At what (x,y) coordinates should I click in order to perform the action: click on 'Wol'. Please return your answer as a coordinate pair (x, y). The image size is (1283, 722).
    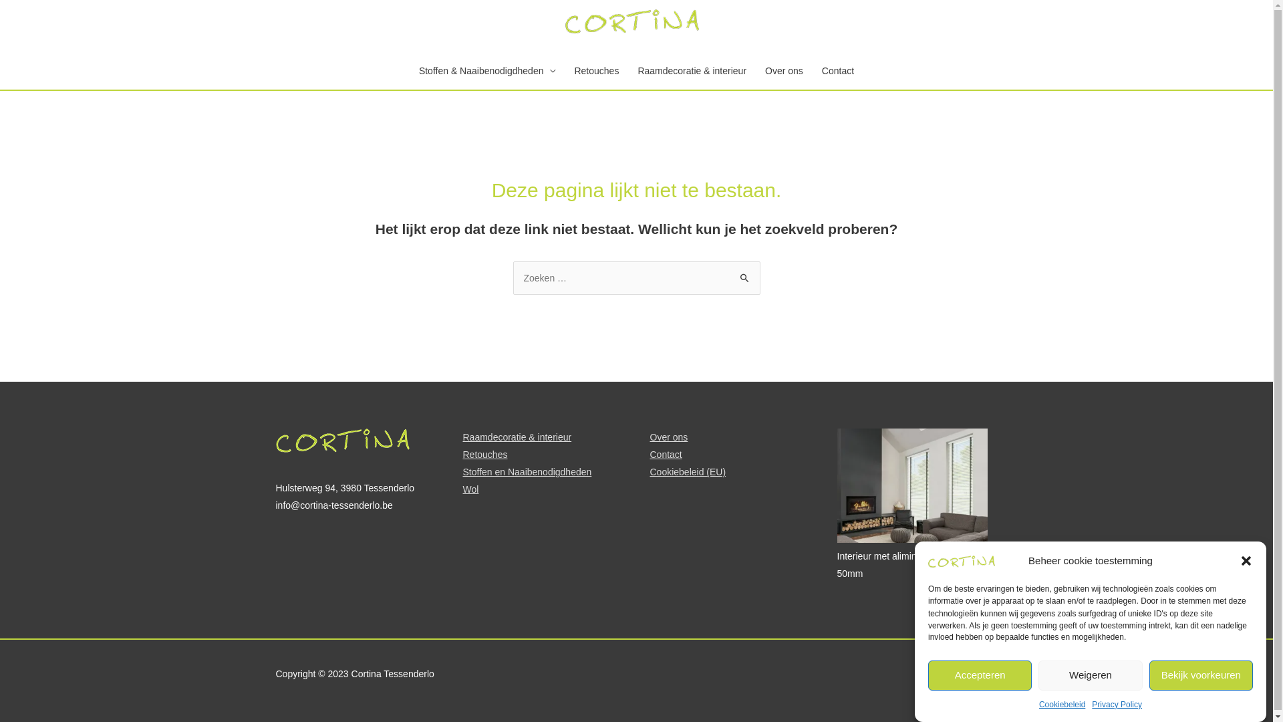
    Looking at the image, I should click on (470, 489).